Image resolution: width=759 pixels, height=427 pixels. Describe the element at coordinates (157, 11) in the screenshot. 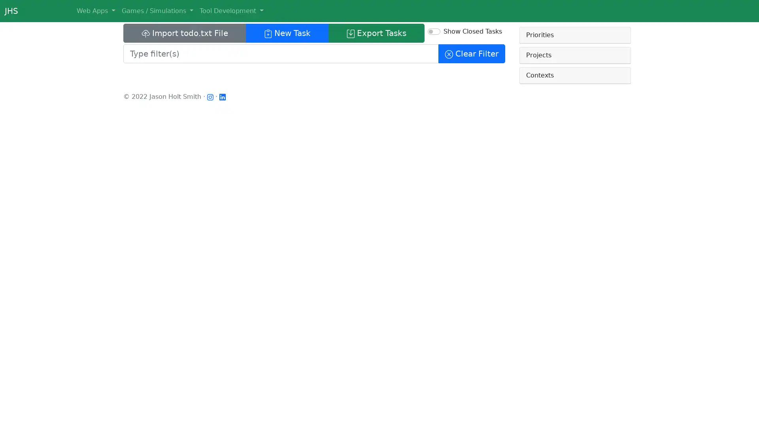

I see `Games / Simulations` at that location.